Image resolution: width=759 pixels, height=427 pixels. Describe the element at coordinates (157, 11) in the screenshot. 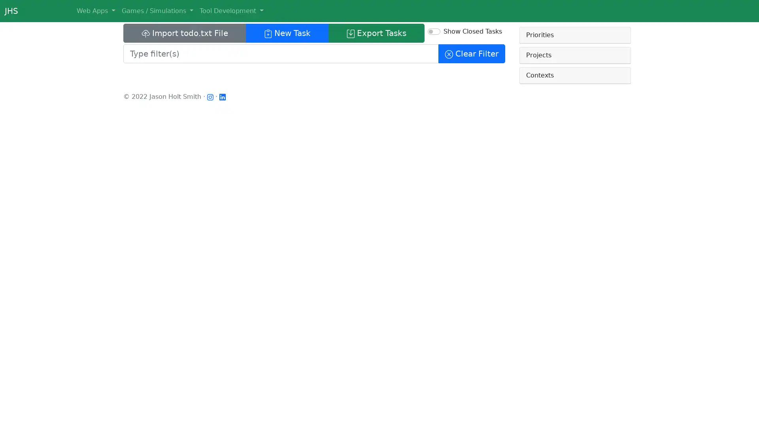

I see `Games / Simulations` at that location.